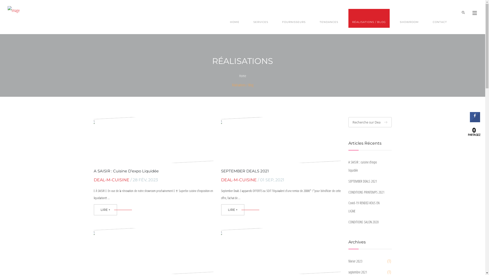  I want to click on 'FOURNISSEURS', so click(294, 18).